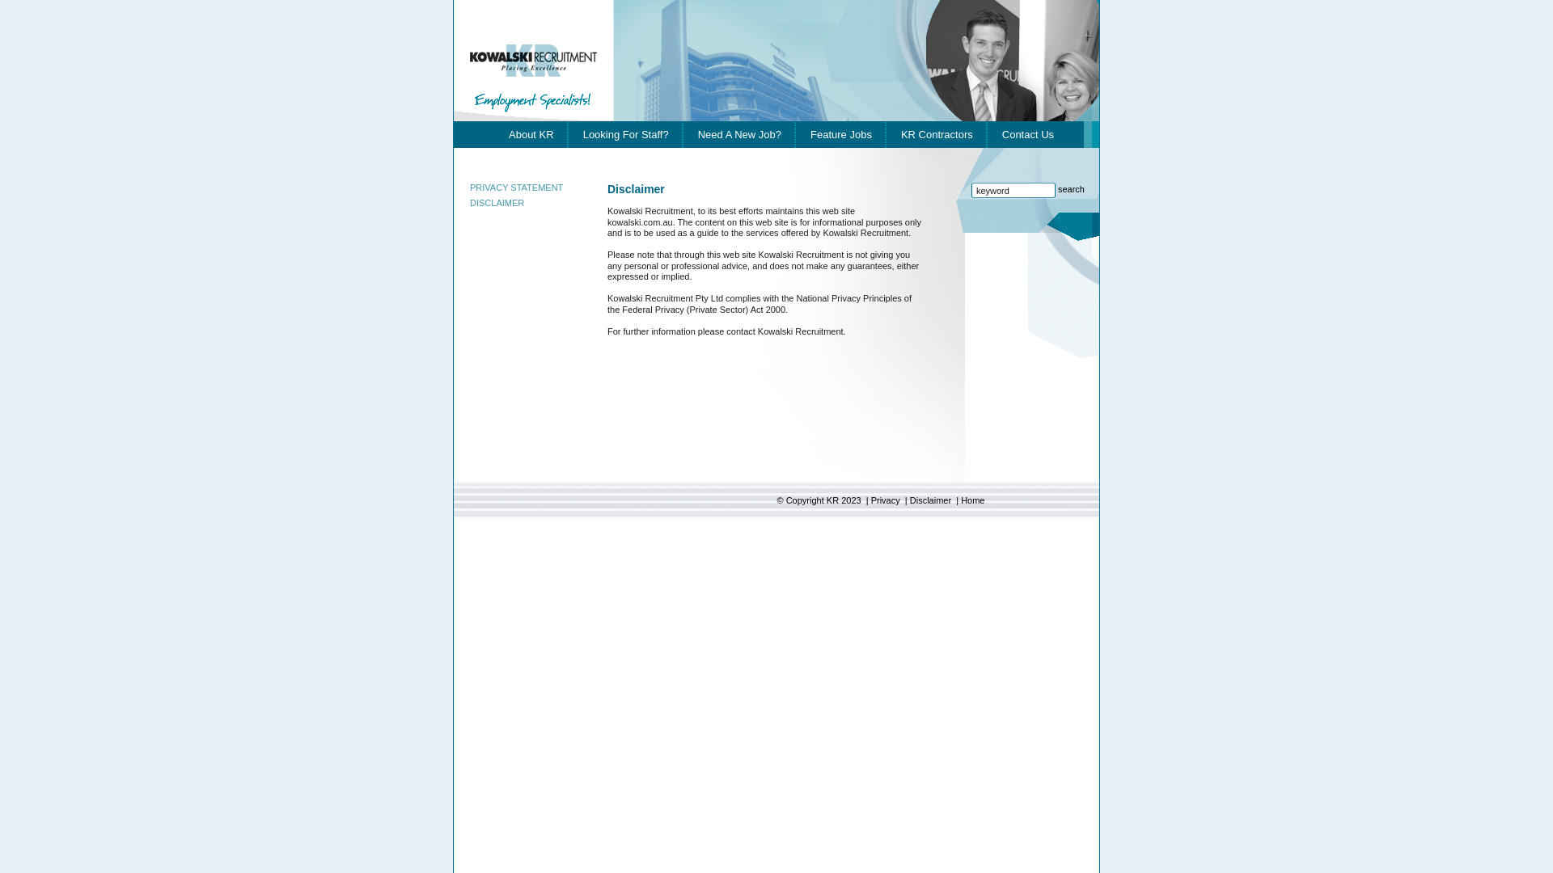  I want to click on 'About KR', so click(531, 133).